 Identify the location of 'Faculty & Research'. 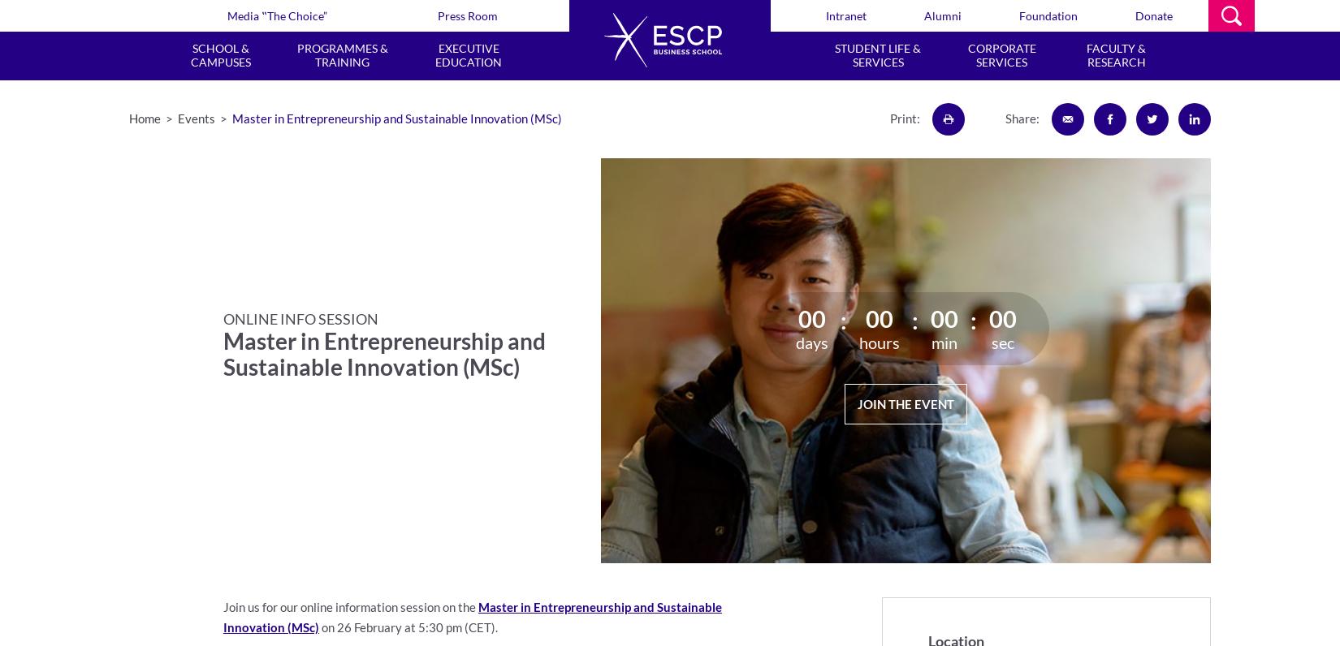
(1115, 54).